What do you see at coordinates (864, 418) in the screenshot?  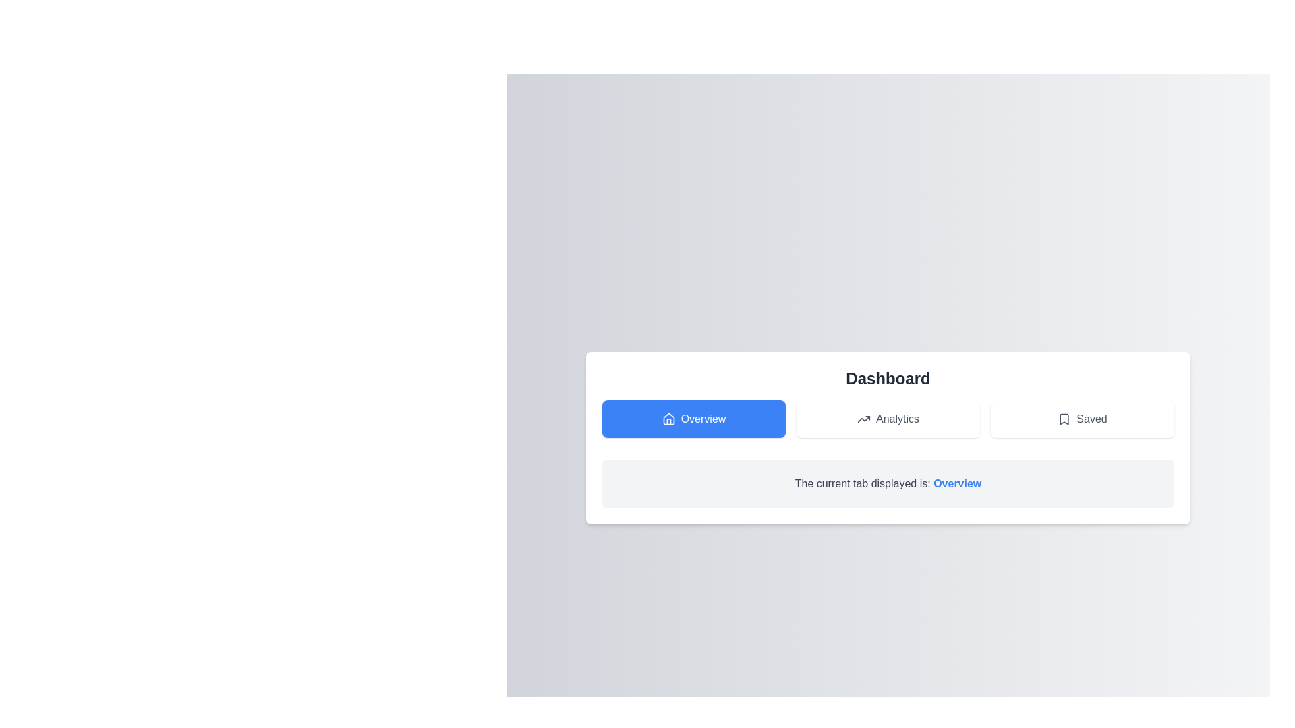 I see `the 'Analytics' button that features an upward trend icon, positioned centrally among the navigation buttons for accessing analytics functionality` at bounding box center [864, 418].